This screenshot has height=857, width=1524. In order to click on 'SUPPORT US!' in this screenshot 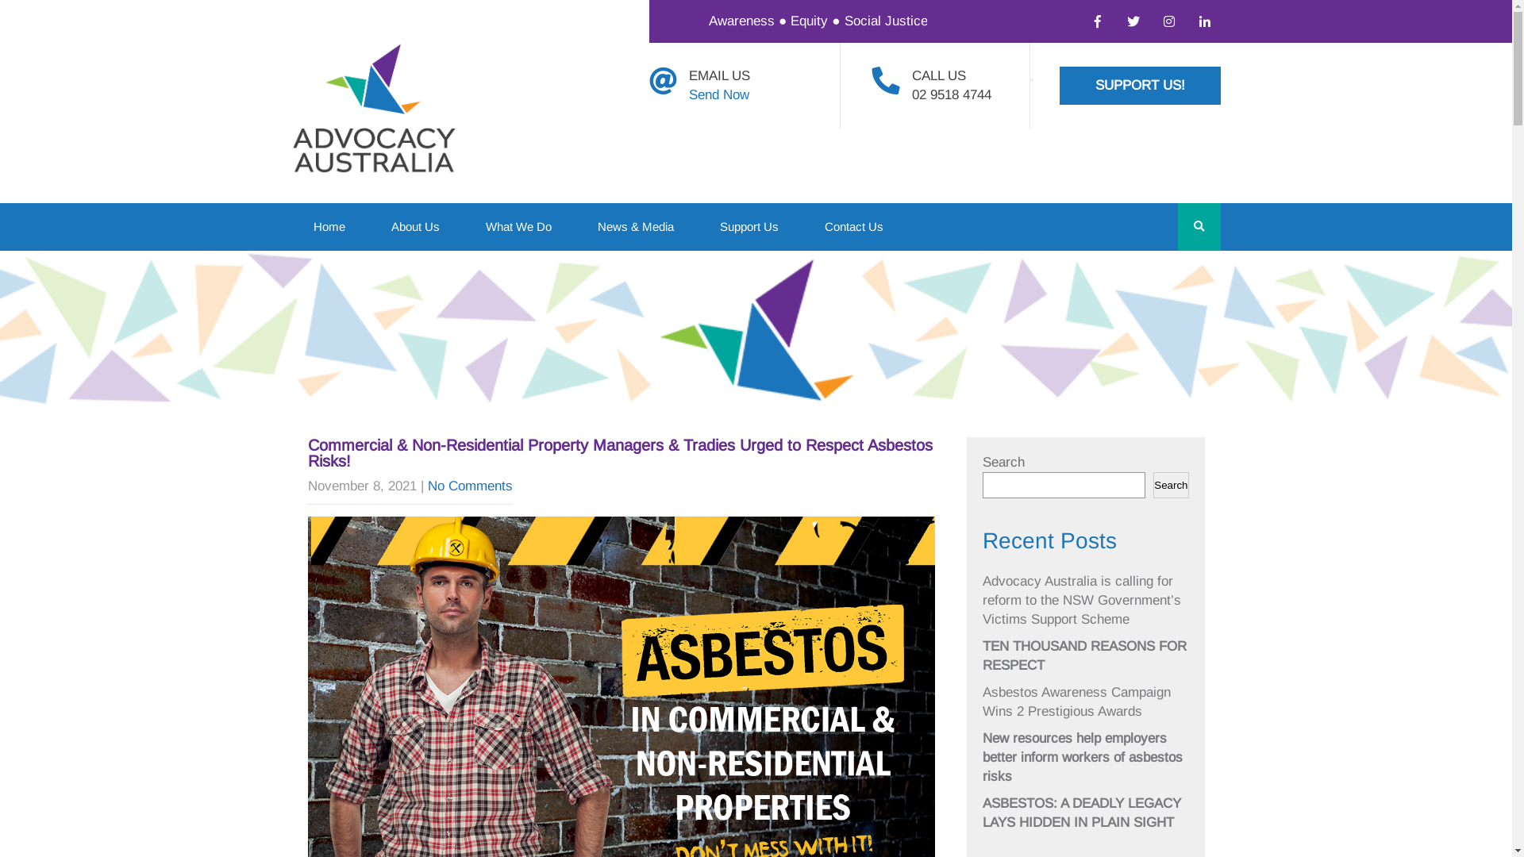, I will do `click(1138, 86)`.